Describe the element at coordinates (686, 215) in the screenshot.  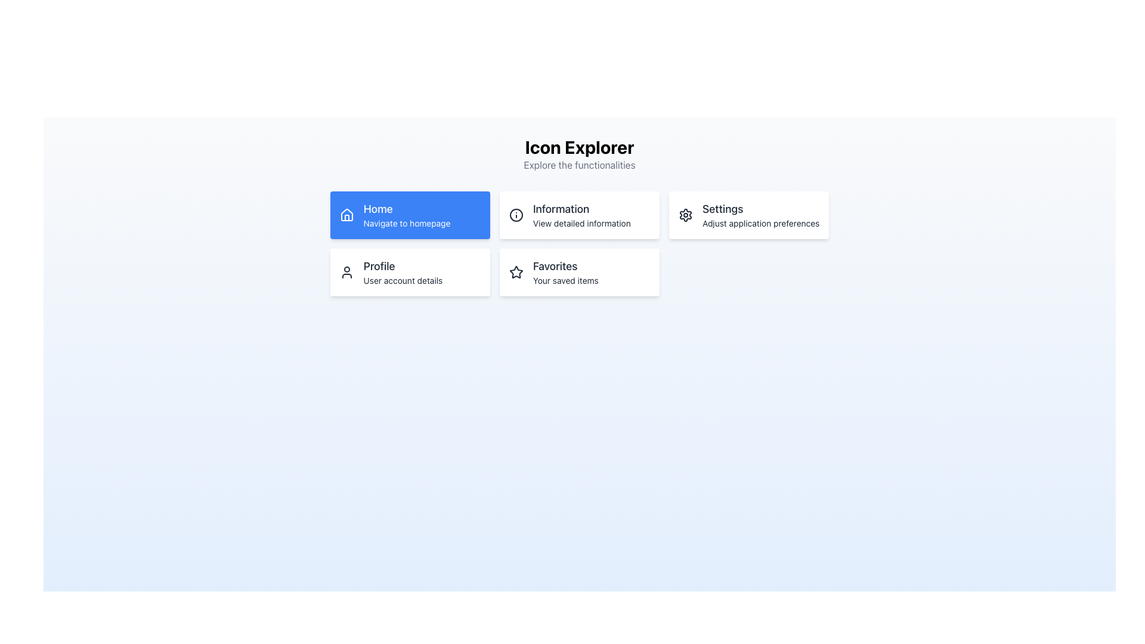
I see `the gear-shaped icon representing settings within the 'Settings' card located in the top-right corner of the group of cards` at that location.